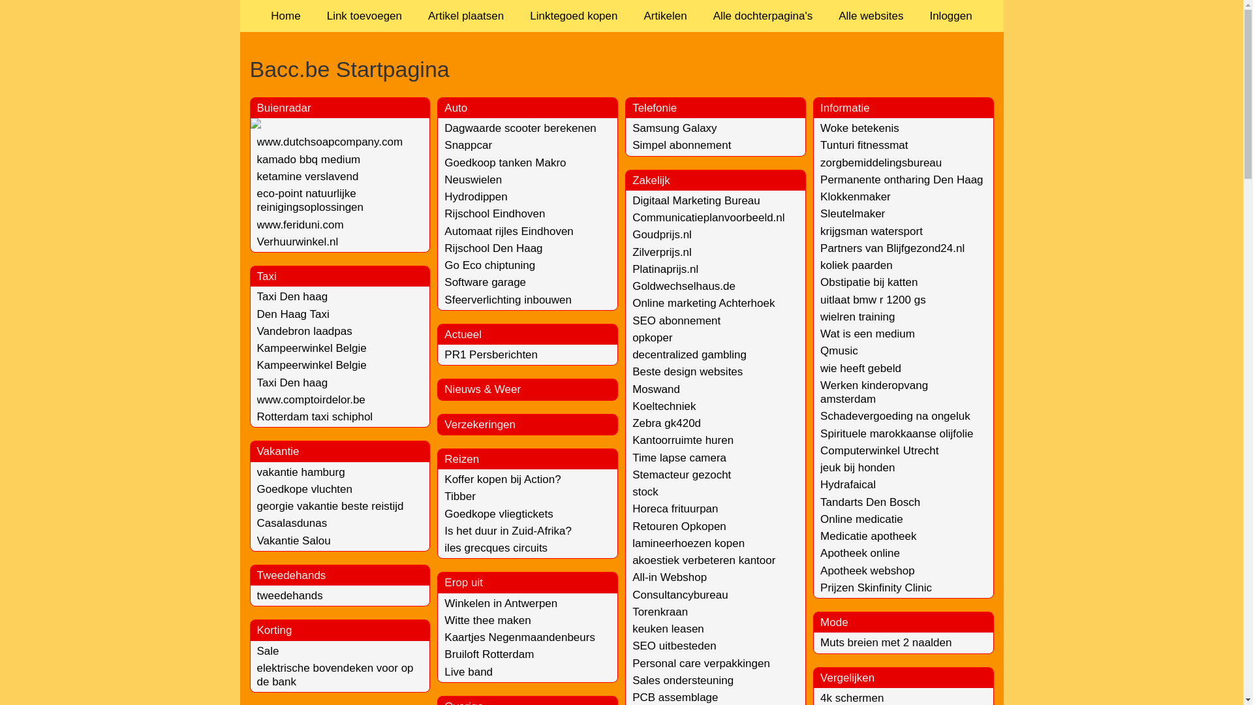 The height and width of the screenshot is (705, 1253). What do you see at coordinates (848, 484) in the screenshot?
I see `'Hydrafaical'` at bounding box center [848, 484].